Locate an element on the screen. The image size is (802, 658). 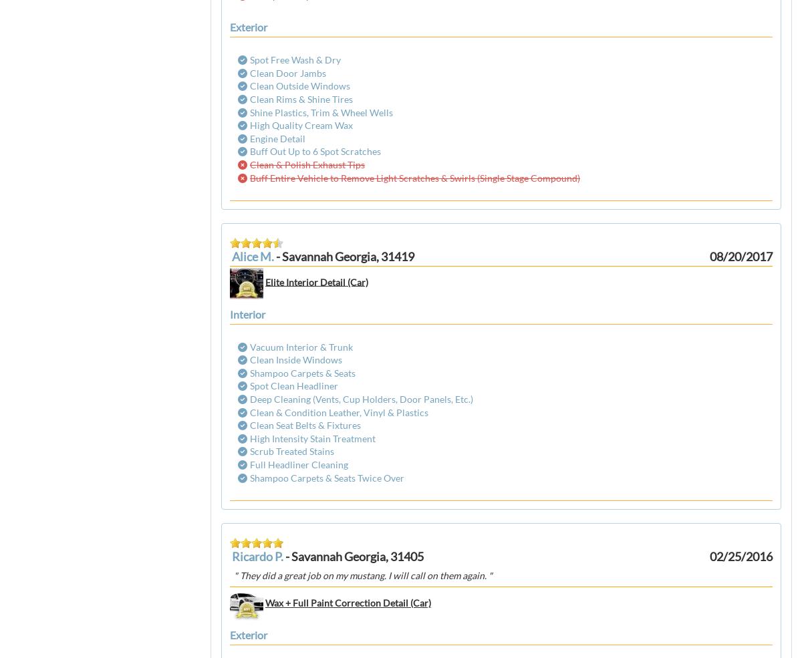
'interior' is located at coordinates (230, 313).